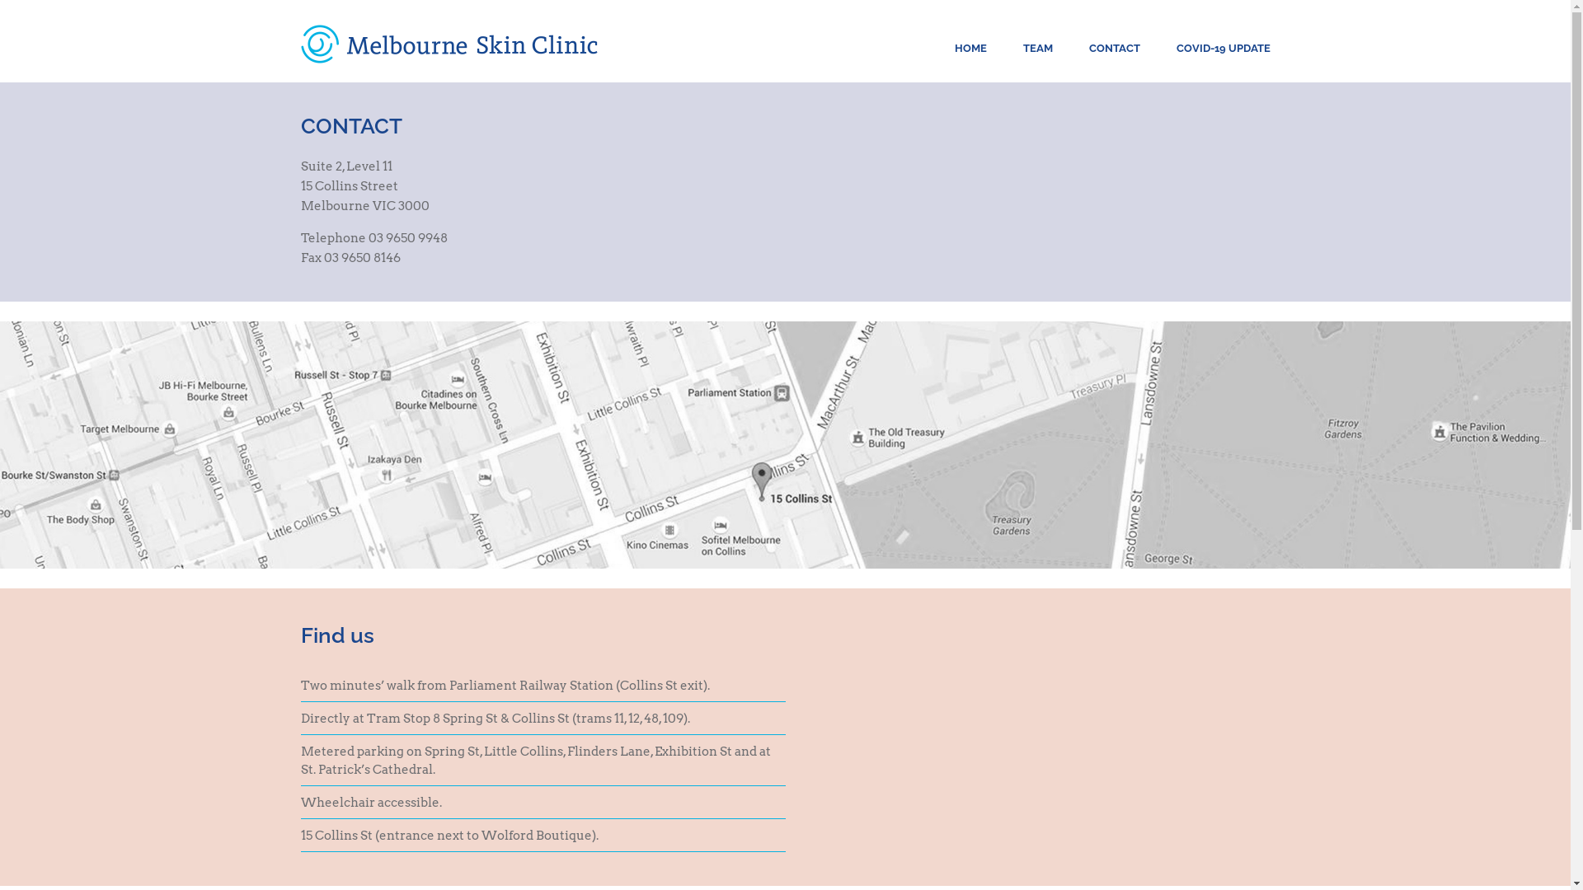 The width and height of the screenshot is (1583, 890). What do you see at coordinates (1021, 47) in the screenshot?
I see `'TEAM'` at bounding box center [1021, 47].